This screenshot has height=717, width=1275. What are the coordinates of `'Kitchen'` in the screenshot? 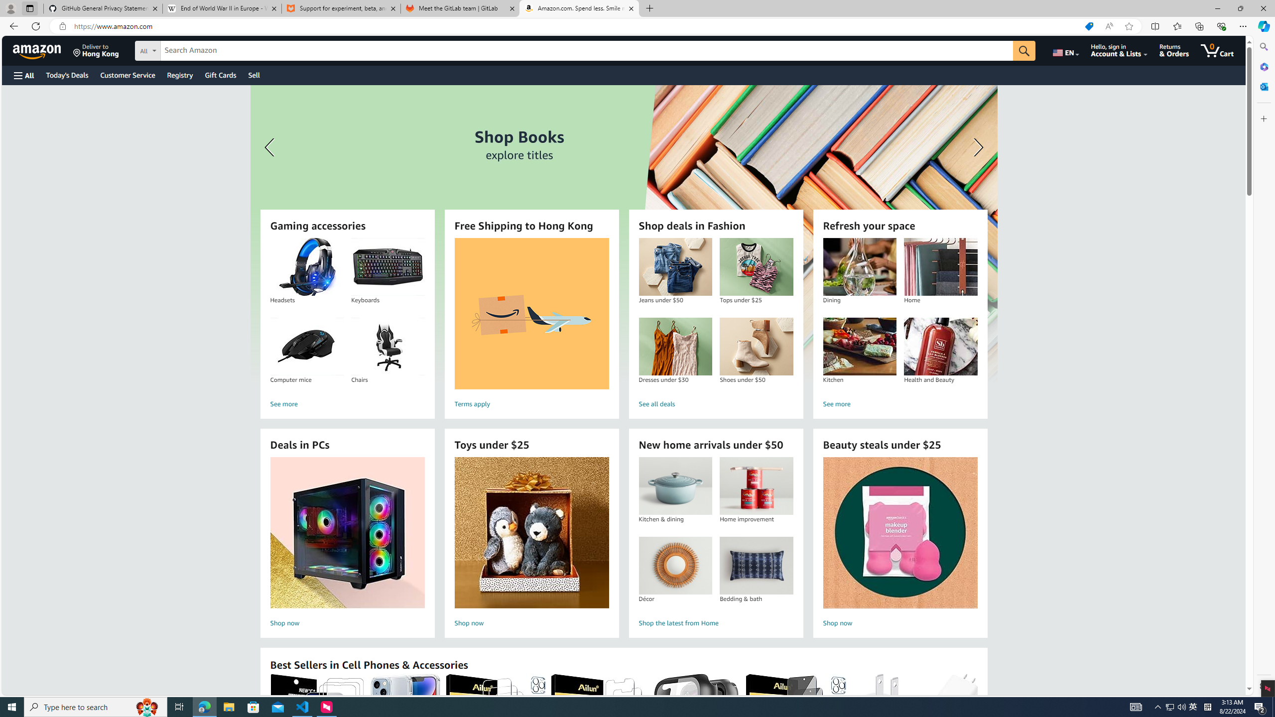 It's located at (859, 347).